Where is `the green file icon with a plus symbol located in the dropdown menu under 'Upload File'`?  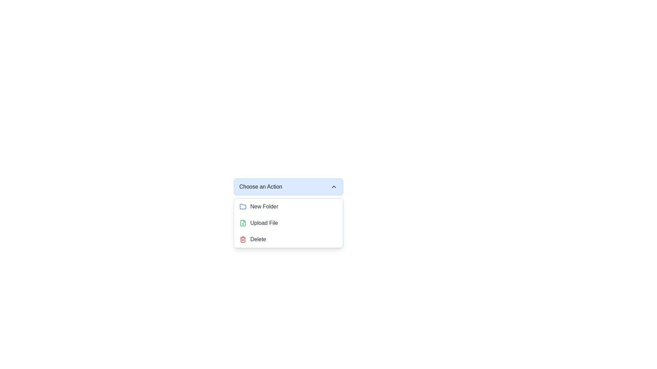
the green file icon with a plus symbol located in the dropdown menu under 'Upload File' is located at coordinates (243, 223).